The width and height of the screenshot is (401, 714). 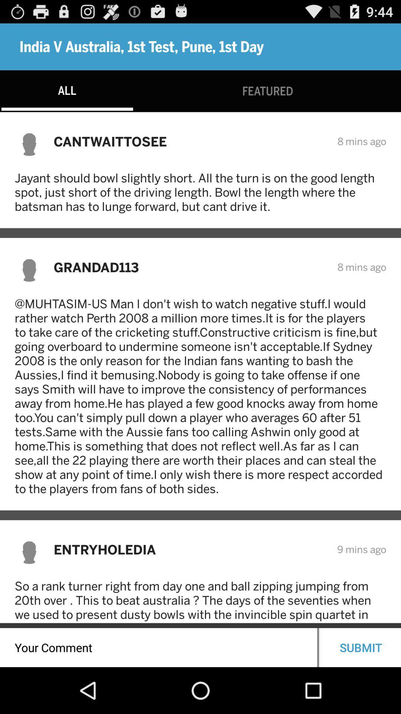 What do you see at coordinates (361, 647) in the screenshot?
I see `item below the so a rank item` at bounding box center [361, 647].